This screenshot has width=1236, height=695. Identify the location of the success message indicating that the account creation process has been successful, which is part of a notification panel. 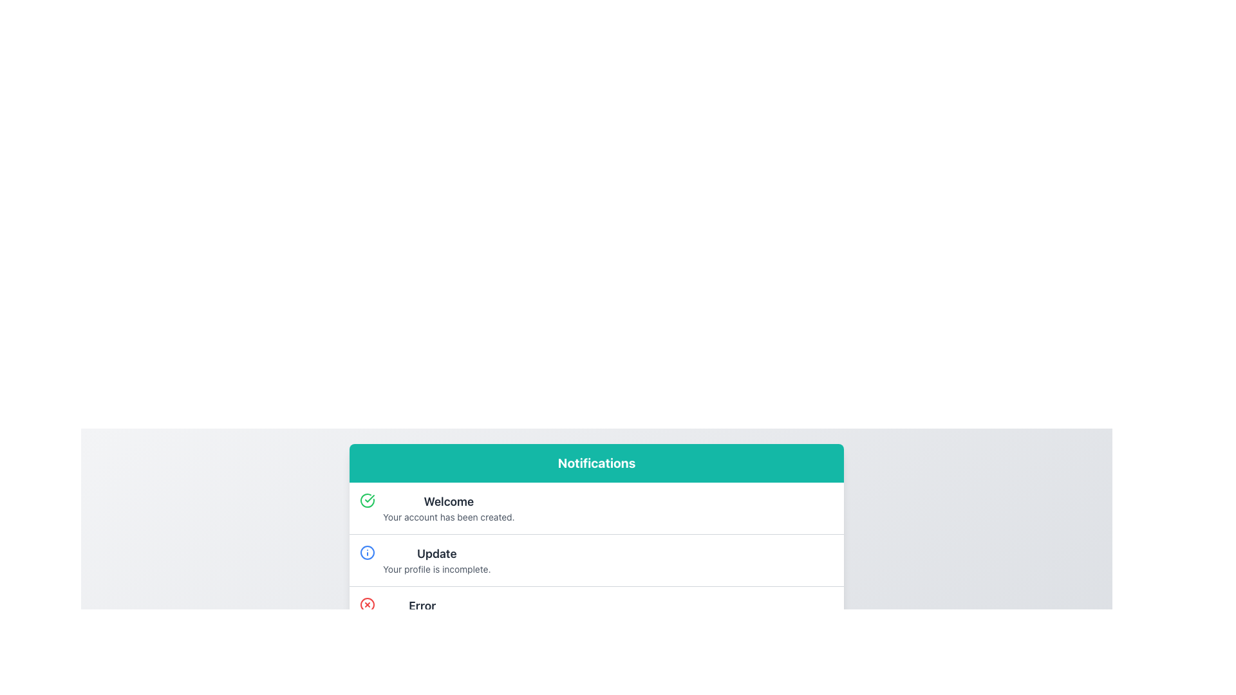
(449, 508).